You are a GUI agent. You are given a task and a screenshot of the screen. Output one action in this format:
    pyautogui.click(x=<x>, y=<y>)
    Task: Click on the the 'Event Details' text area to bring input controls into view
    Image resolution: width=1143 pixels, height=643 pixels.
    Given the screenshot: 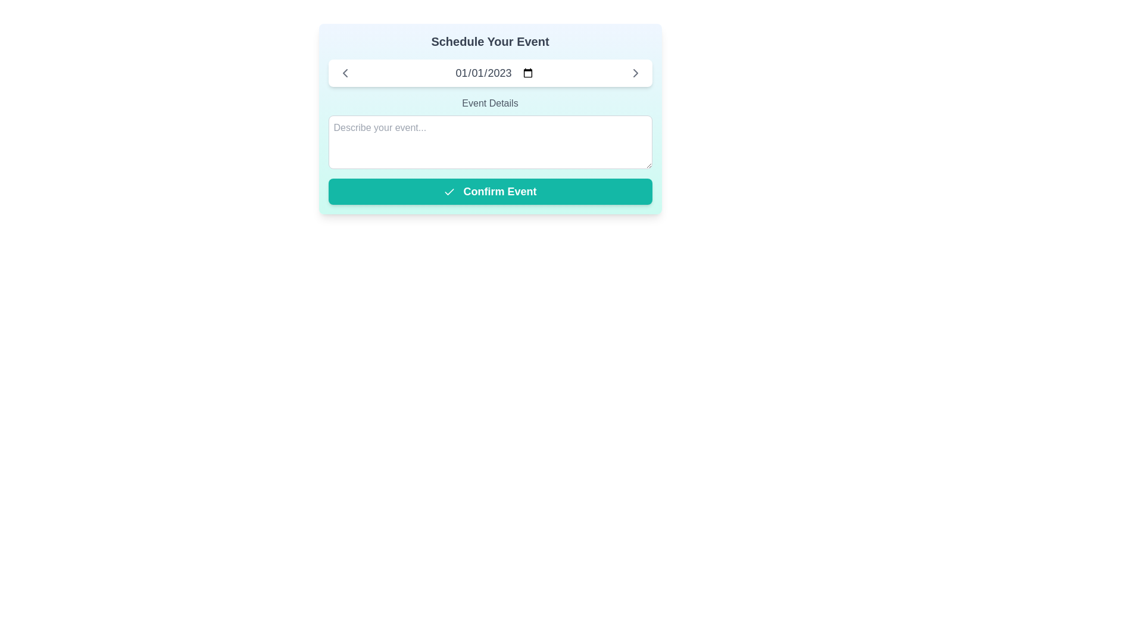 What is the action you would take?
    pyautogui.click(x=490, y=133)
    